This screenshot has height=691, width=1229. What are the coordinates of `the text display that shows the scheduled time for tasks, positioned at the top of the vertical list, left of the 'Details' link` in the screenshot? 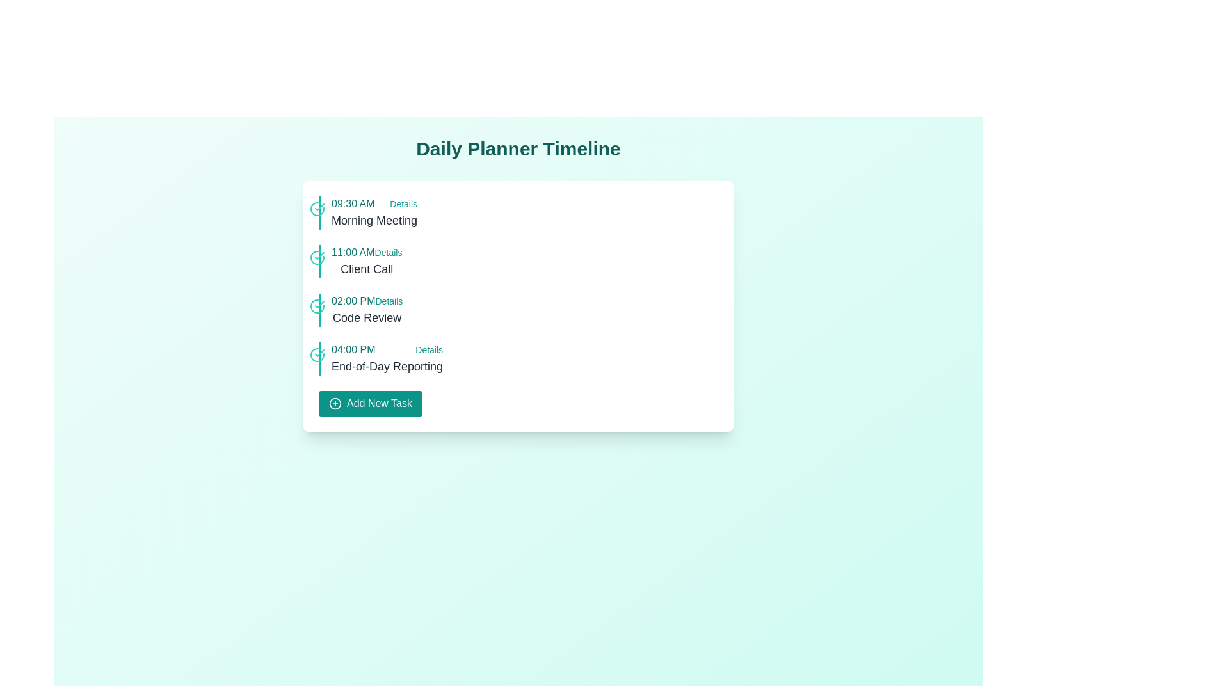 It's located at (353, 203).